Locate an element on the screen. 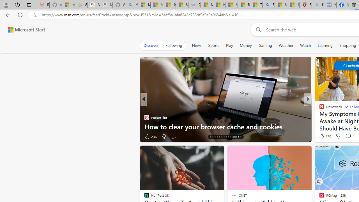 The height and width of the screenshot is (202, 359). 'Start the conversation' is located at coordinates (173, 136).